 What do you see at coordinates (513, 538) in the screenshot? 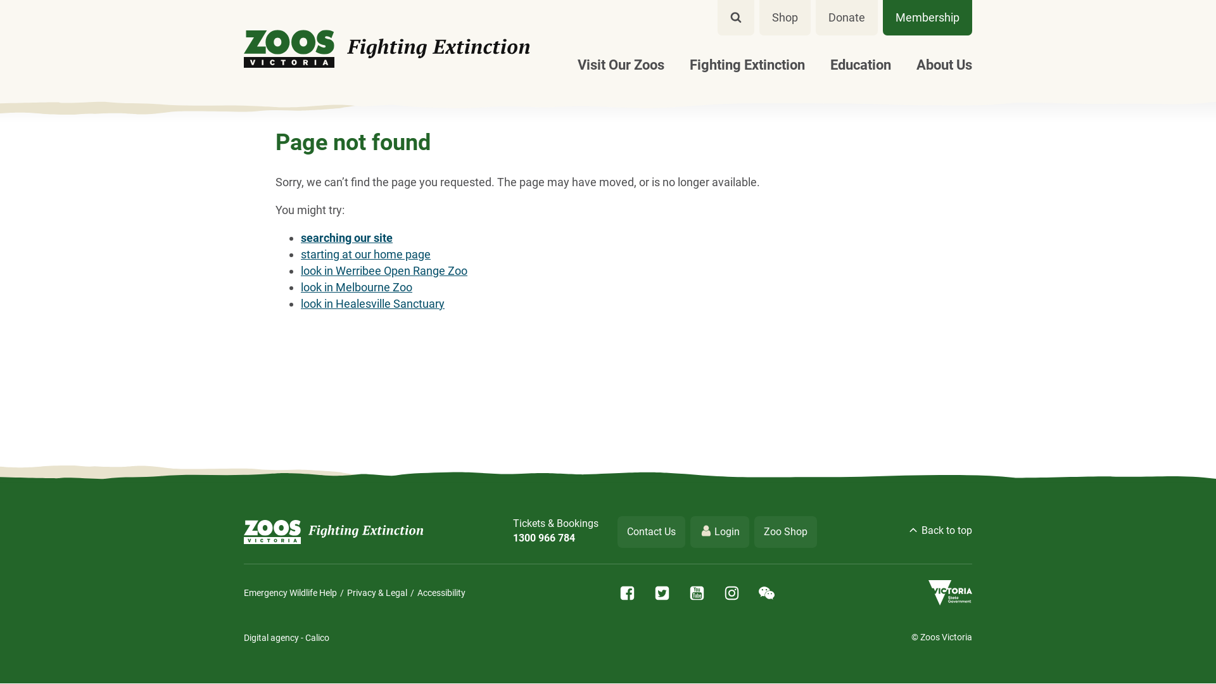
I see `'1300 966 784'` at bounding box center [513, 538].